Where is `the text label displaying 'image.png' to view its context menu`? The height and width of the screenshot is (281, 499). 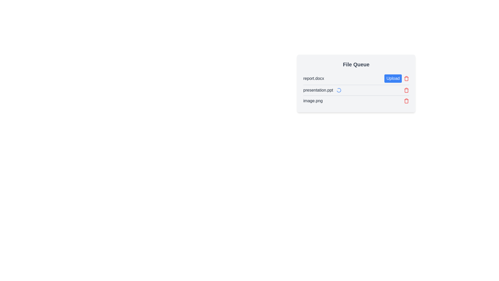 the text label displaying 'image.png' to view its context menu is located at coordinates (313, 101).